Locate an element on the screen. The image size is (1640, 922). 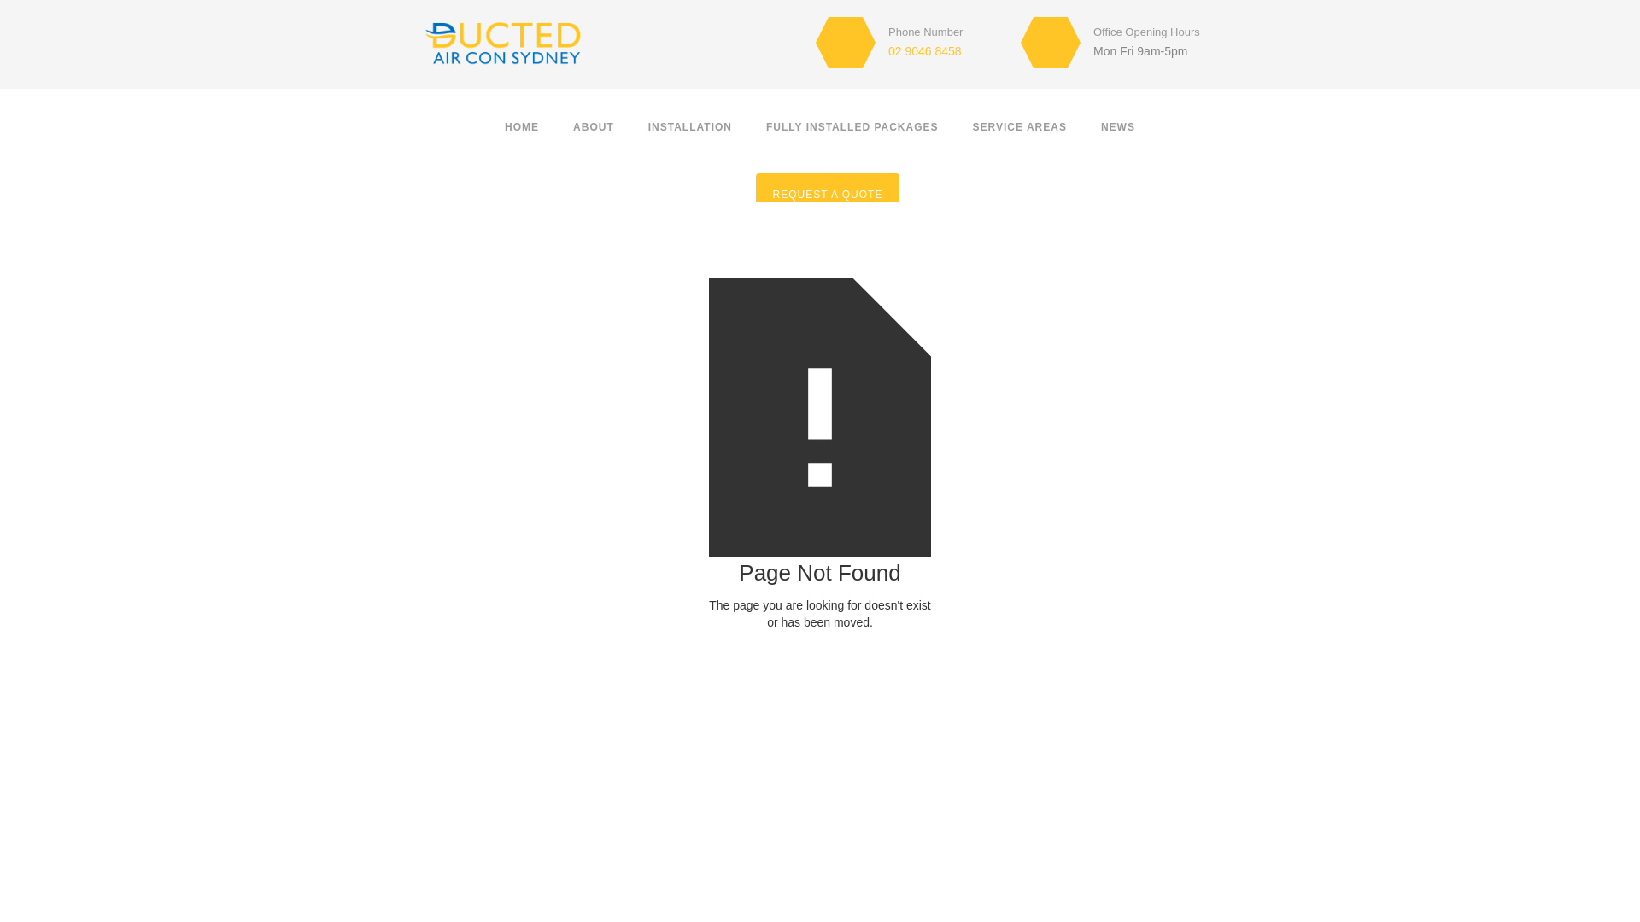
'REQUEST A QUOTE' is located at coordinates (828, 192).